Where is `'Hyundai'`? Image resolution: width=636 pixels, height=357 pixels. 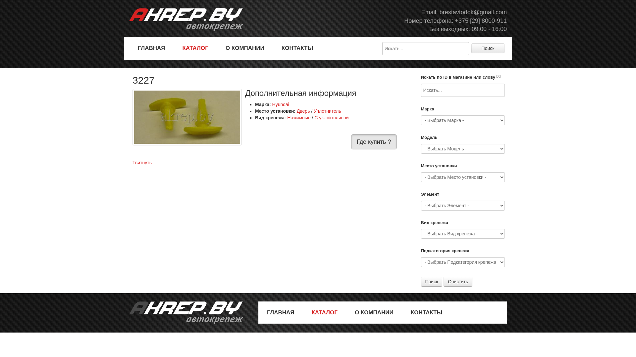
'Hyundai' is located at coordinates (281, 104).